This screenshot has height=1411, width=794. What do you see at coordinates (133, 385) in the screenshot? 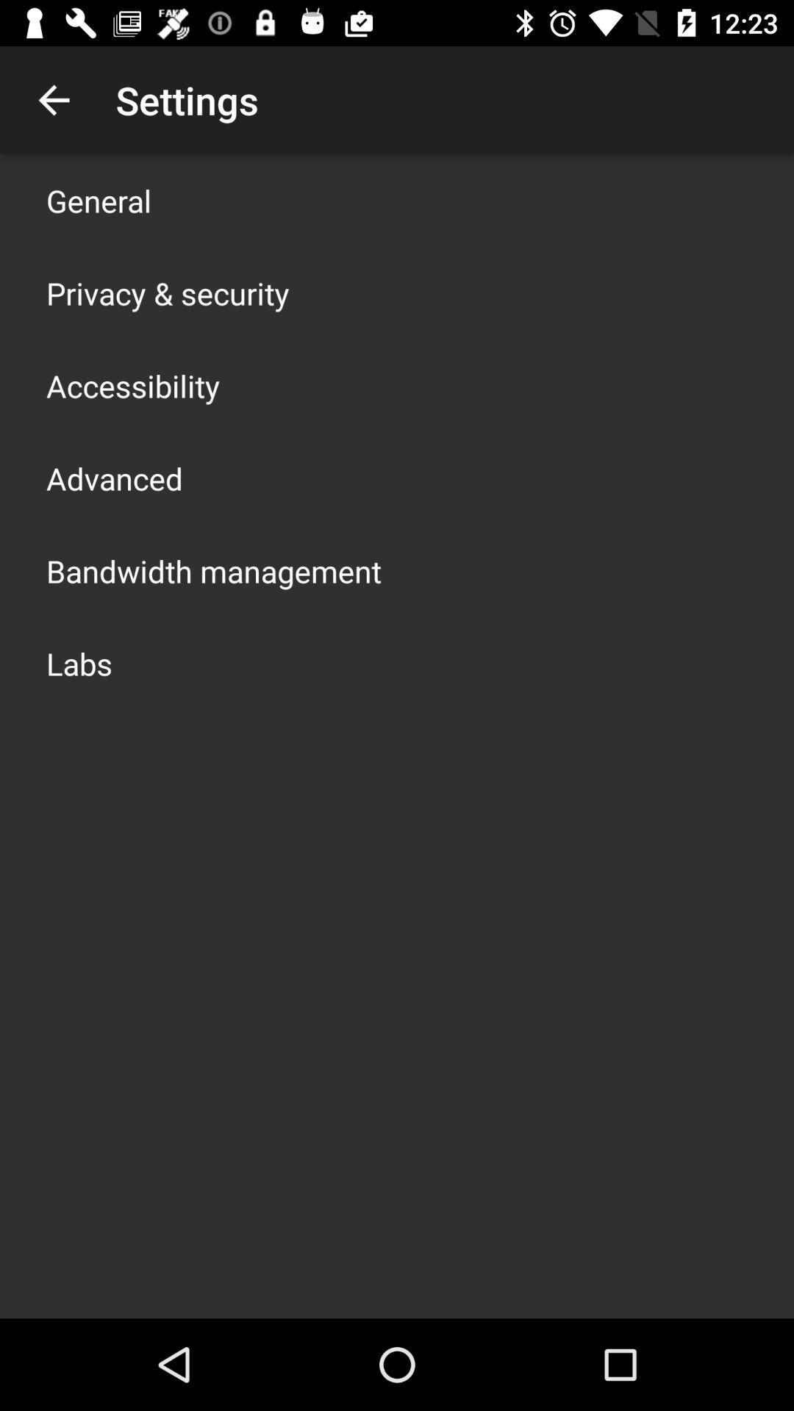
I see `accessibility item` at bounding box center [133, 385].